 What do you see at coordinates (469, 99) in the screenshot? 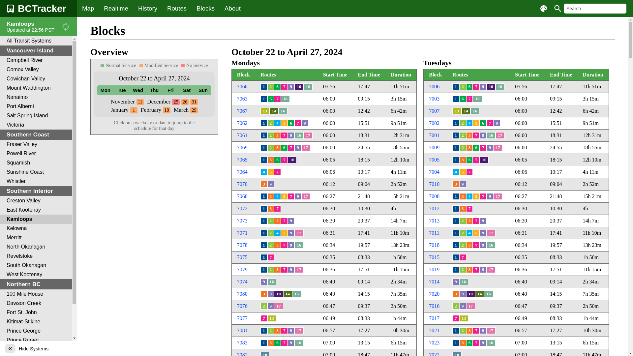
I see `'7'` at bounding box center [469, 99].